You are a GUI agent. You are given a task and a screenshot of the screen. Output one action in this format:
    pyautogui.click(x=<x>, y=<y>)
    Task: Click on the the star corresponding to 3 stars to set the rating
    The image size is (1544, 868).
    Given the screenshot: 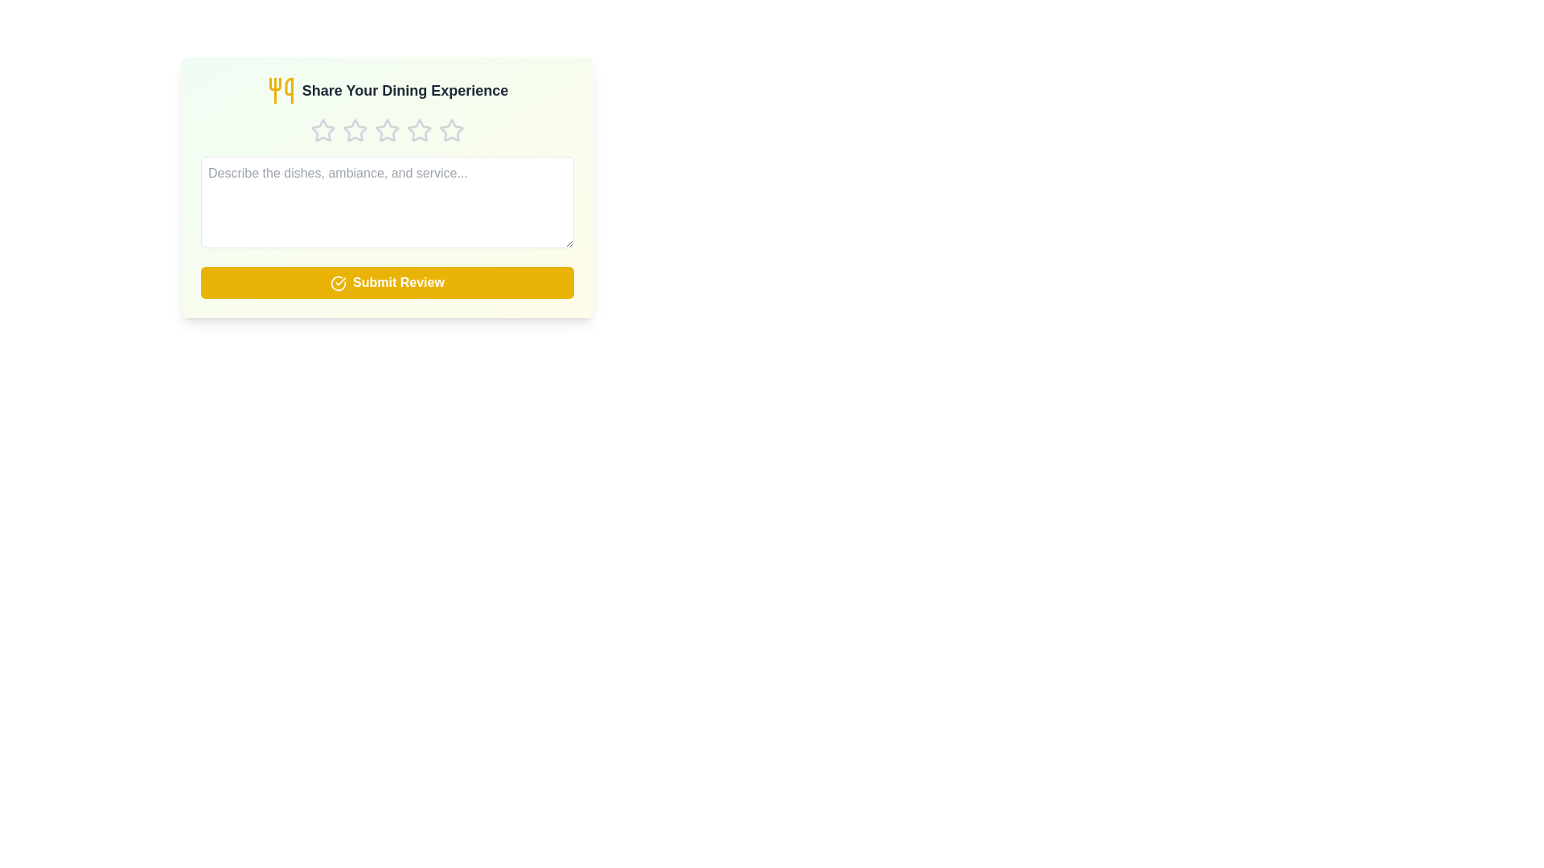 What is the action you would take?
    pyautogui.click(x=387, y=129)
    